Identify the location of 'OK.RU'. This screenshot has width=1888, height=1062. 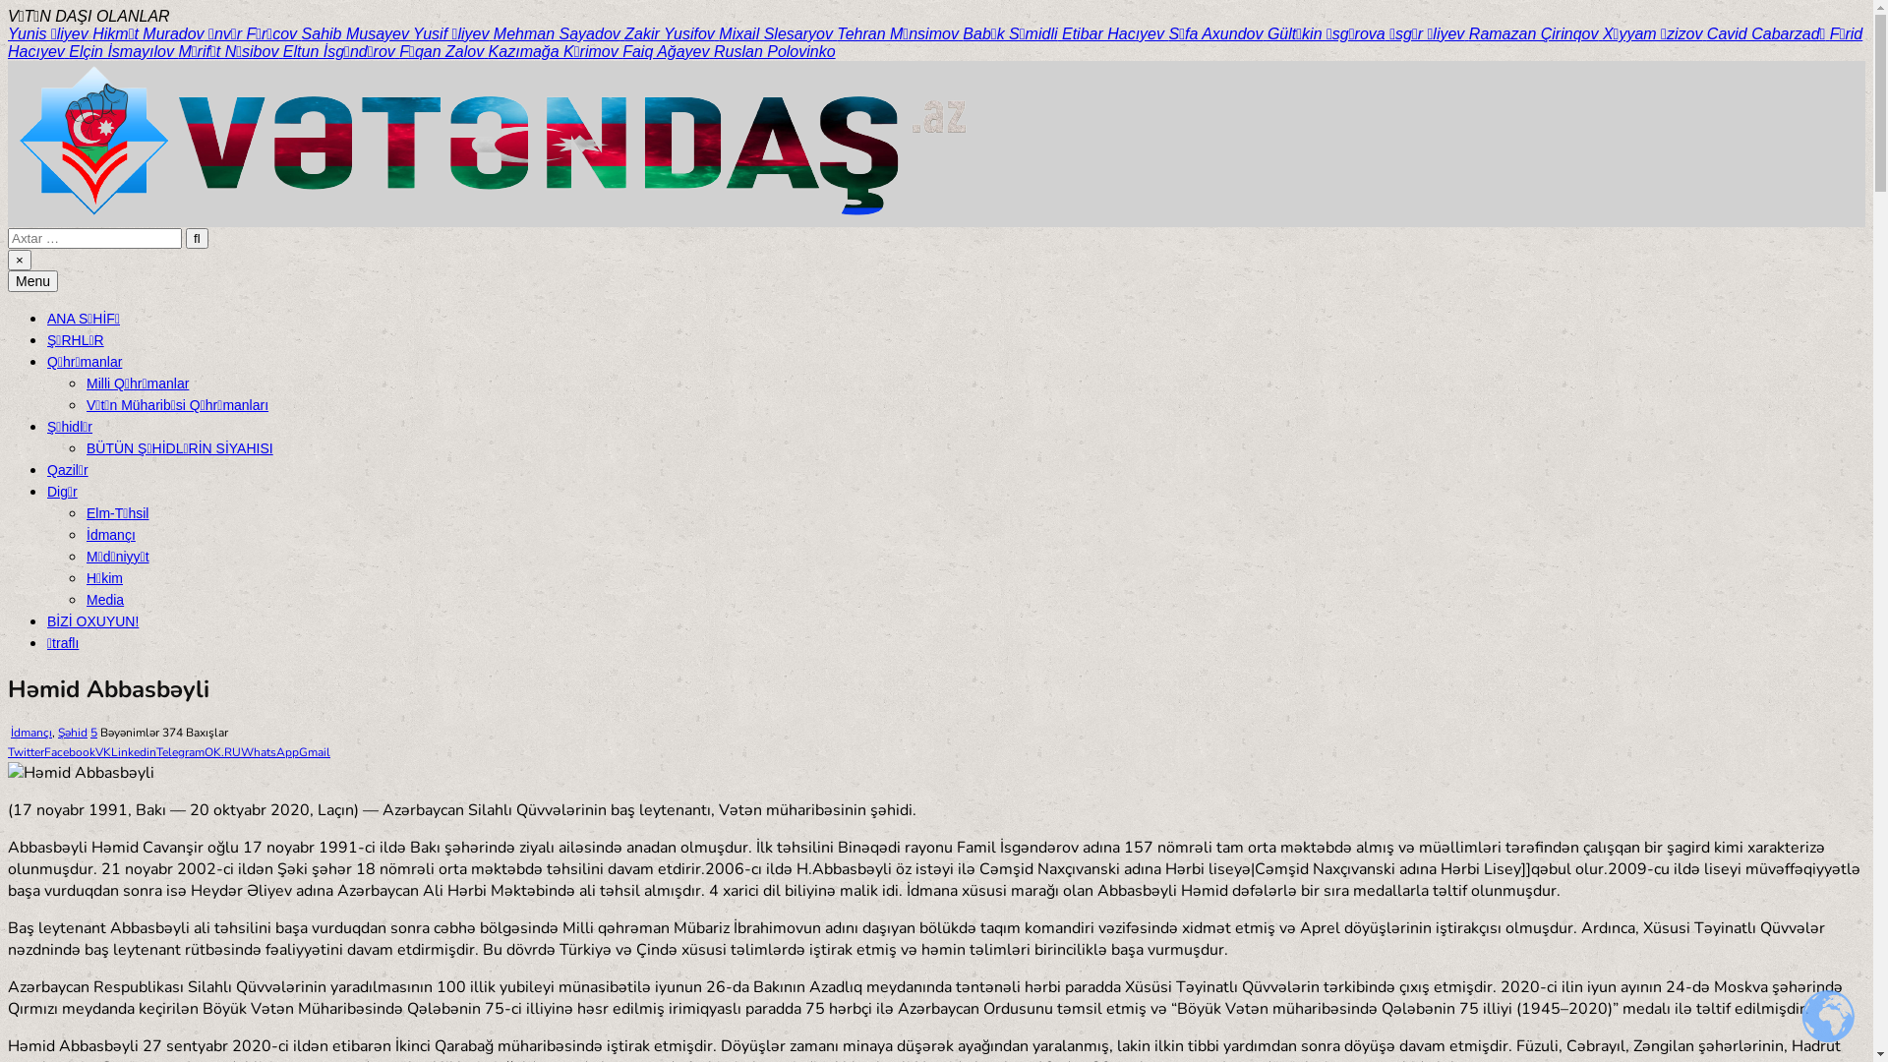
(204, 751).